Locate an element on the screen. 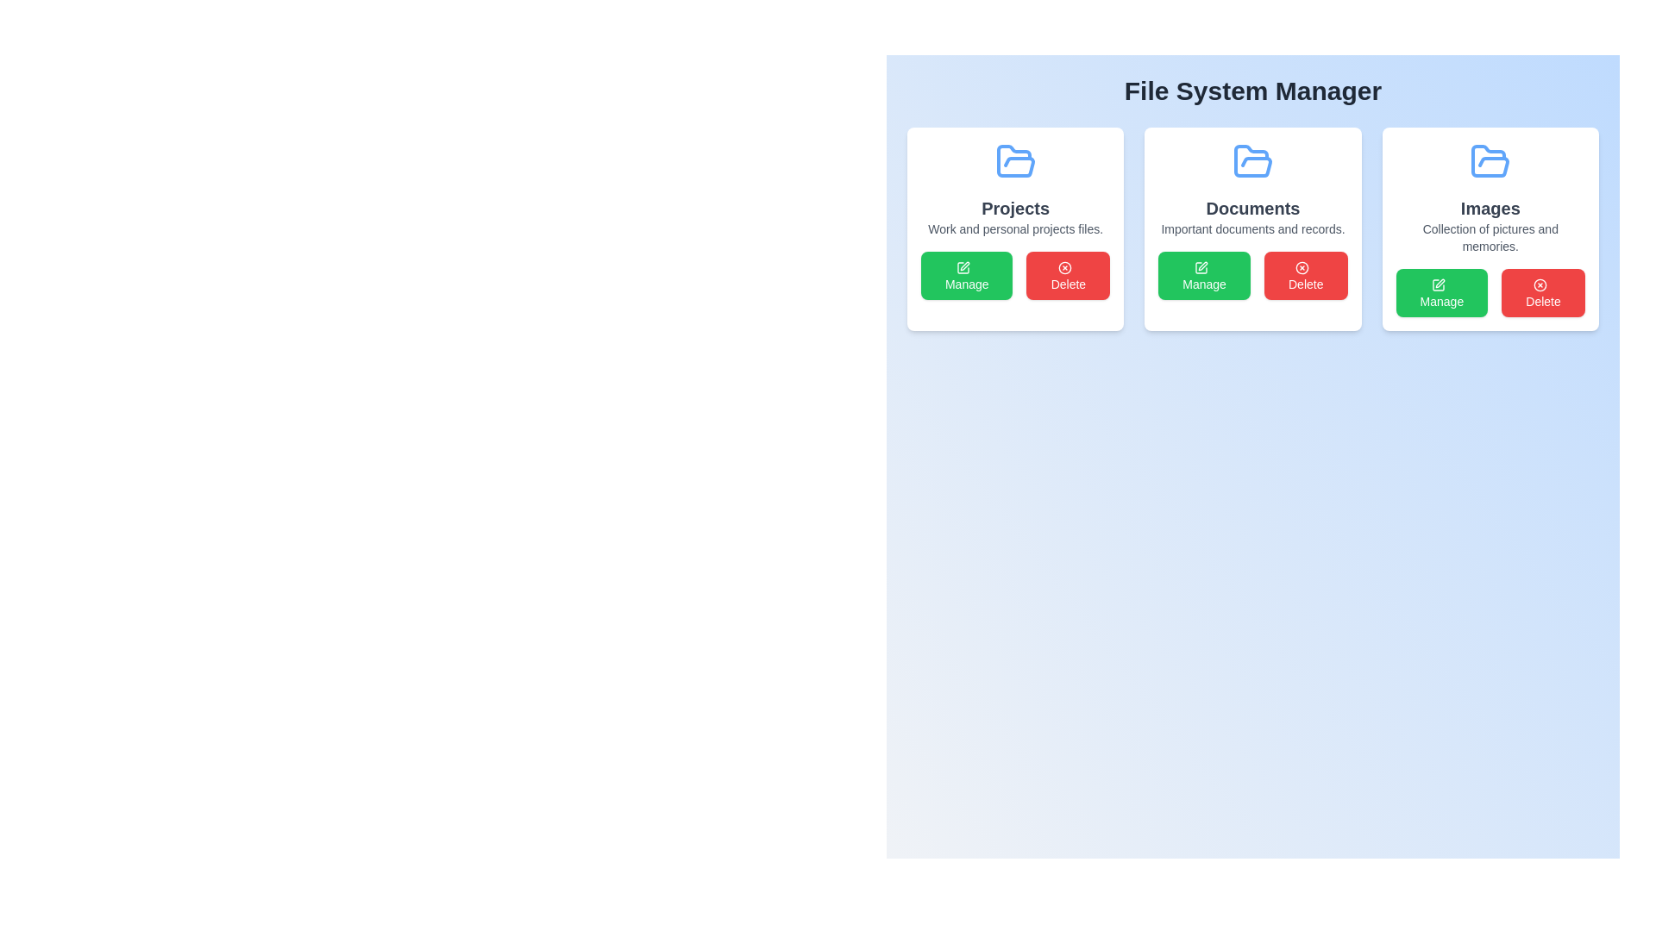  the circular delete icon in the second card labeled 'Projects', located beside the green 'Manage' action button is located at coordinates (1063, 268).